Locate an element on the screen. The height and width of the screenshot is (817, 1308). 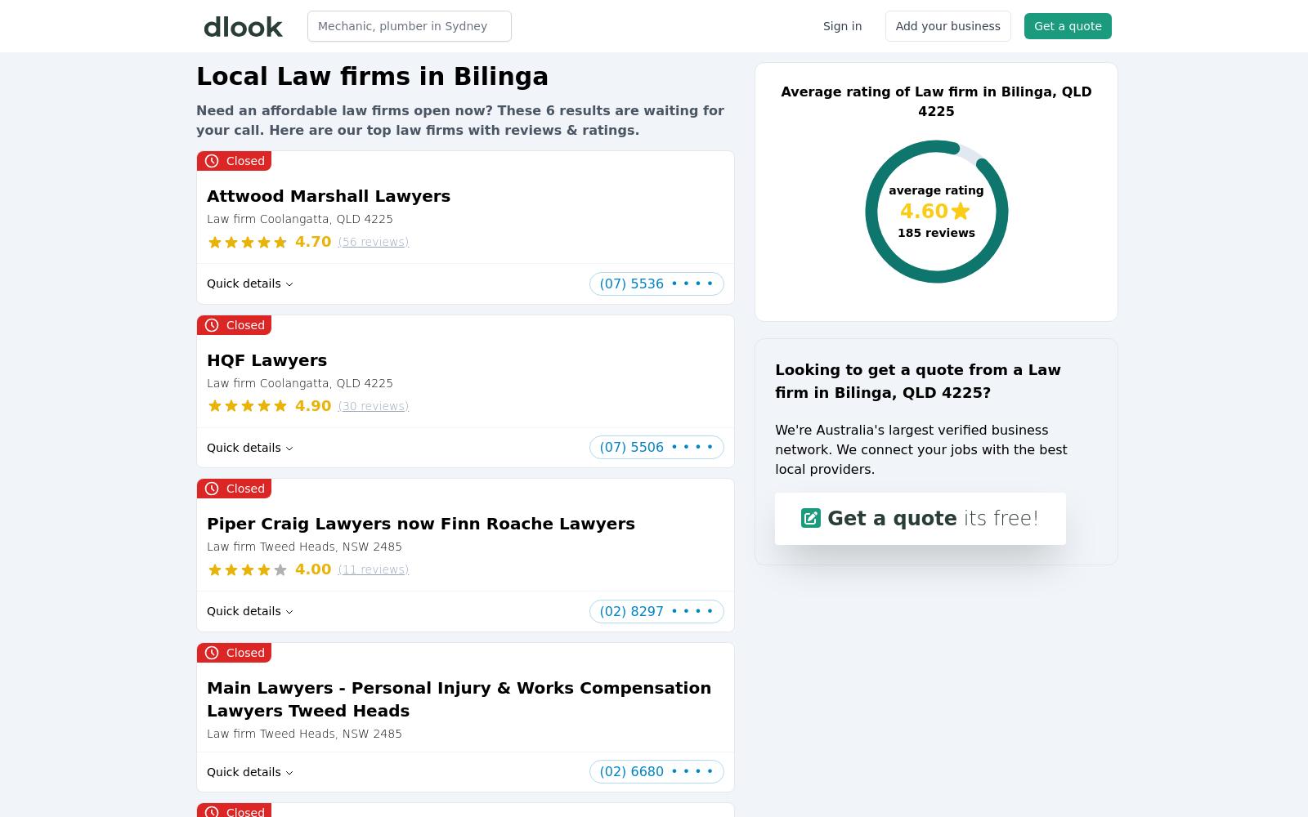
'?' is located at coordinates (985, 391).